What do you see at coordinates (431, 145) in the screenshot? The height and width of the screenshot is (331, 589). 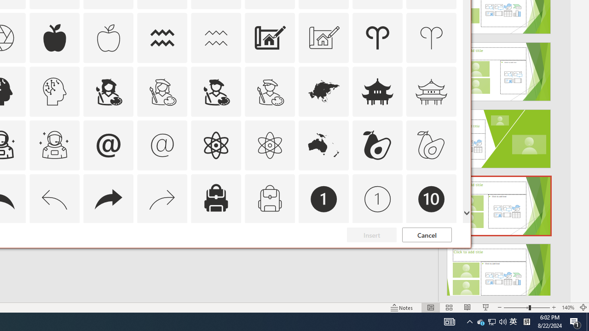 I see `'AutomationID: Icons_Avocado_M'` at bounding box center [431, 145].